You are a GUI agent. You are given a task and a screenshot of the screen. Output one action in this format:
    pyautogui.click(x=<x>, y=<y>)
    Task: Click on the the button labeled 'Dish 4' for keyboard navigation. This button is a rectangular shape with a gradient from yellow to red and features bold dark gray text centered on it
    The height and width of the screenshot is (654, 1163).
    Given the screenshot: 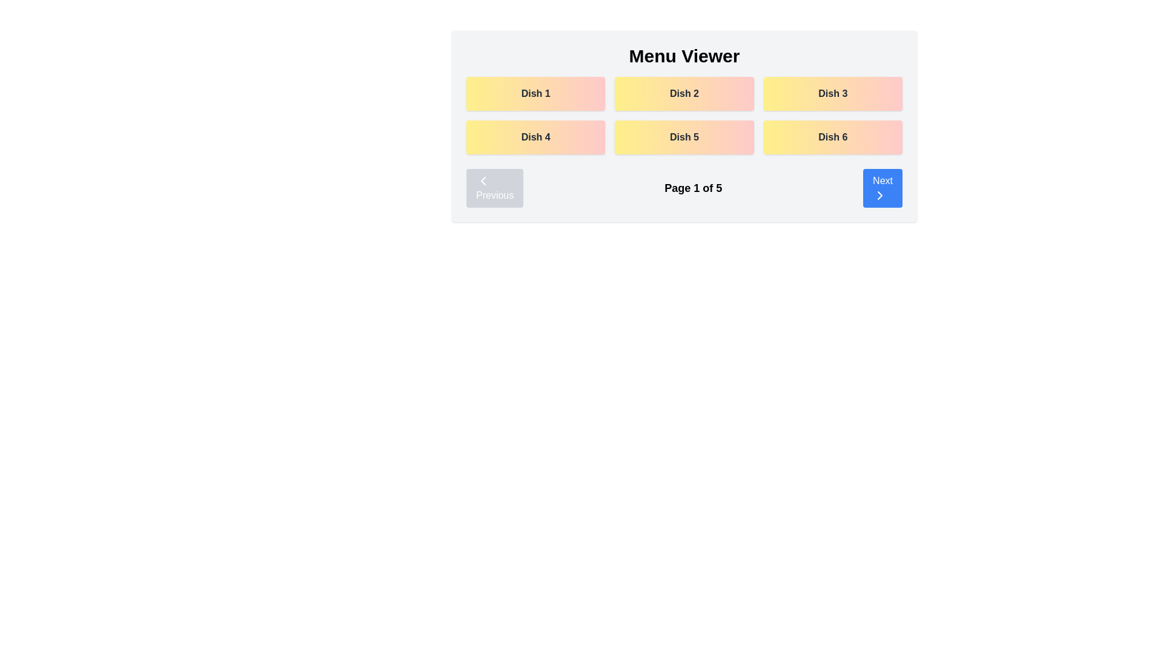 What is the action you would take?
    pyautogui.click(x=535, y=137)
    